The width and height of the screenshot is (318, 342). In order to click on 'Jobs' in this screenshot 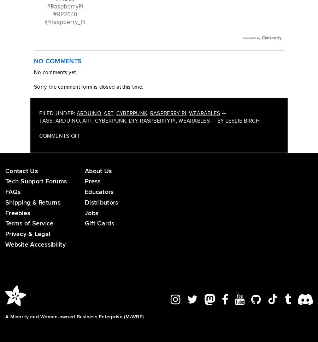, I will do `click(91, 220)`.